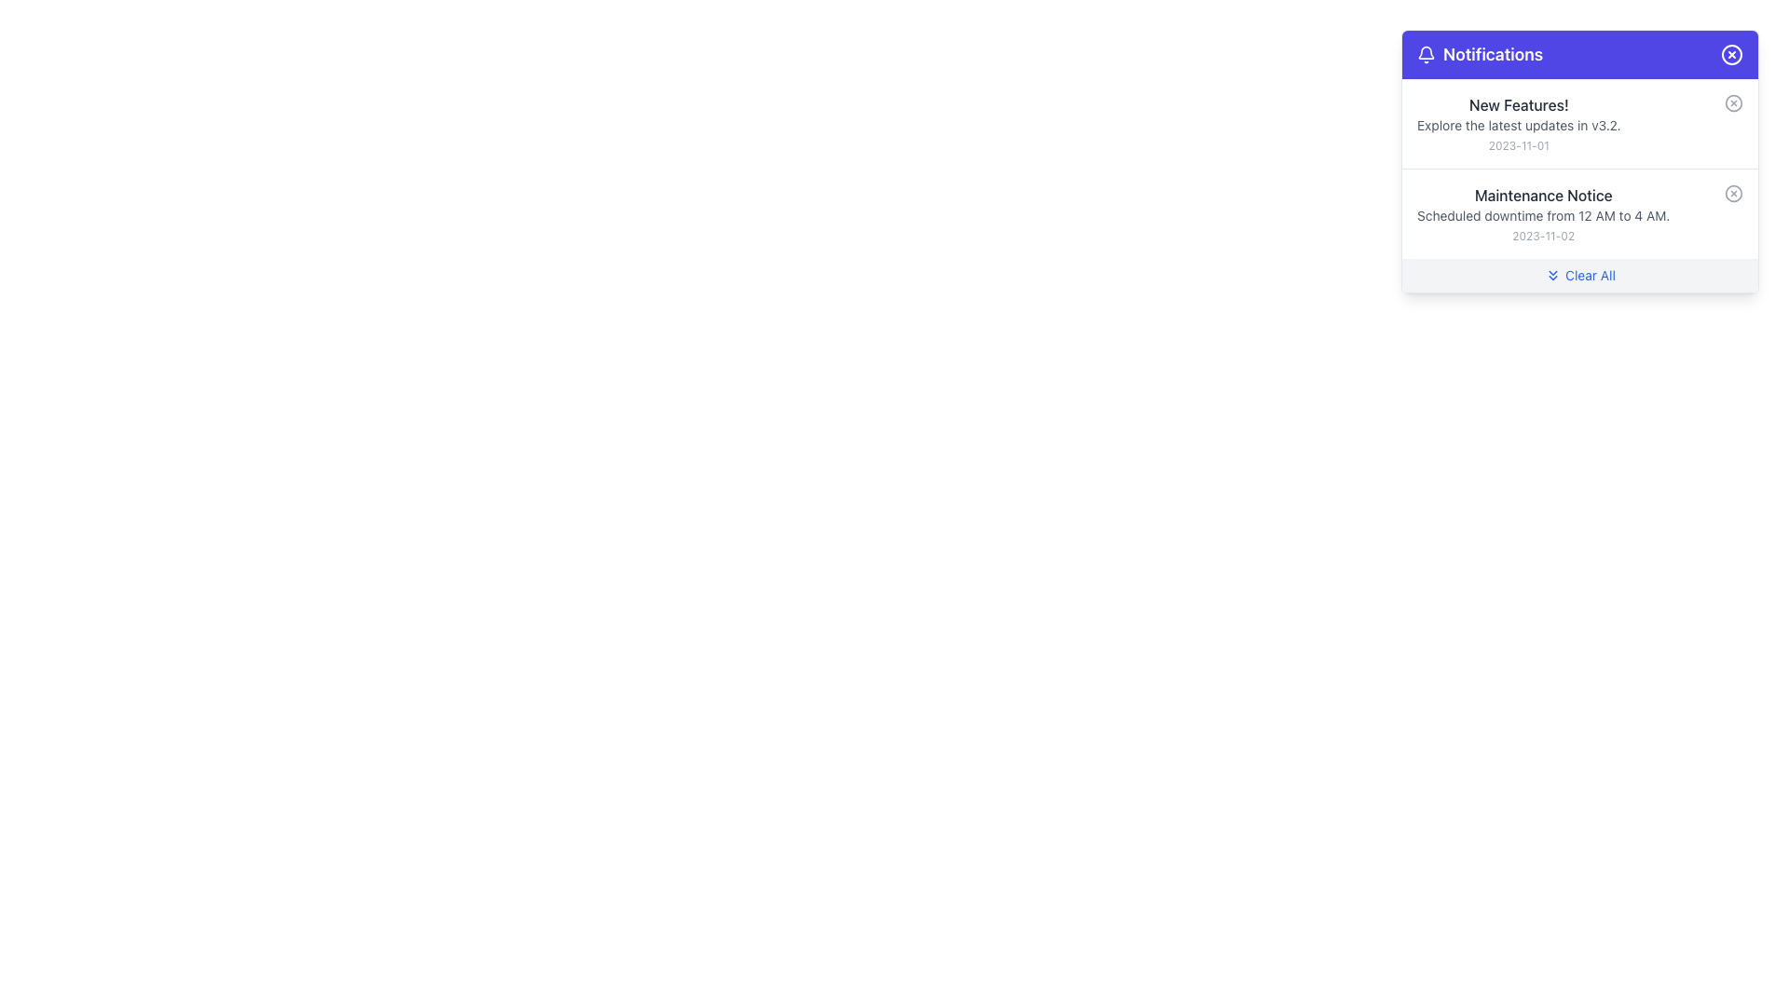 This screenshot has width=1789, height=1006. What do you see at coordinates (1733, 103) in the screenshot?
I see `the dismiss button located at the top-right corner of the 'New Features!' notification card` at bounding box center [1733, 103].